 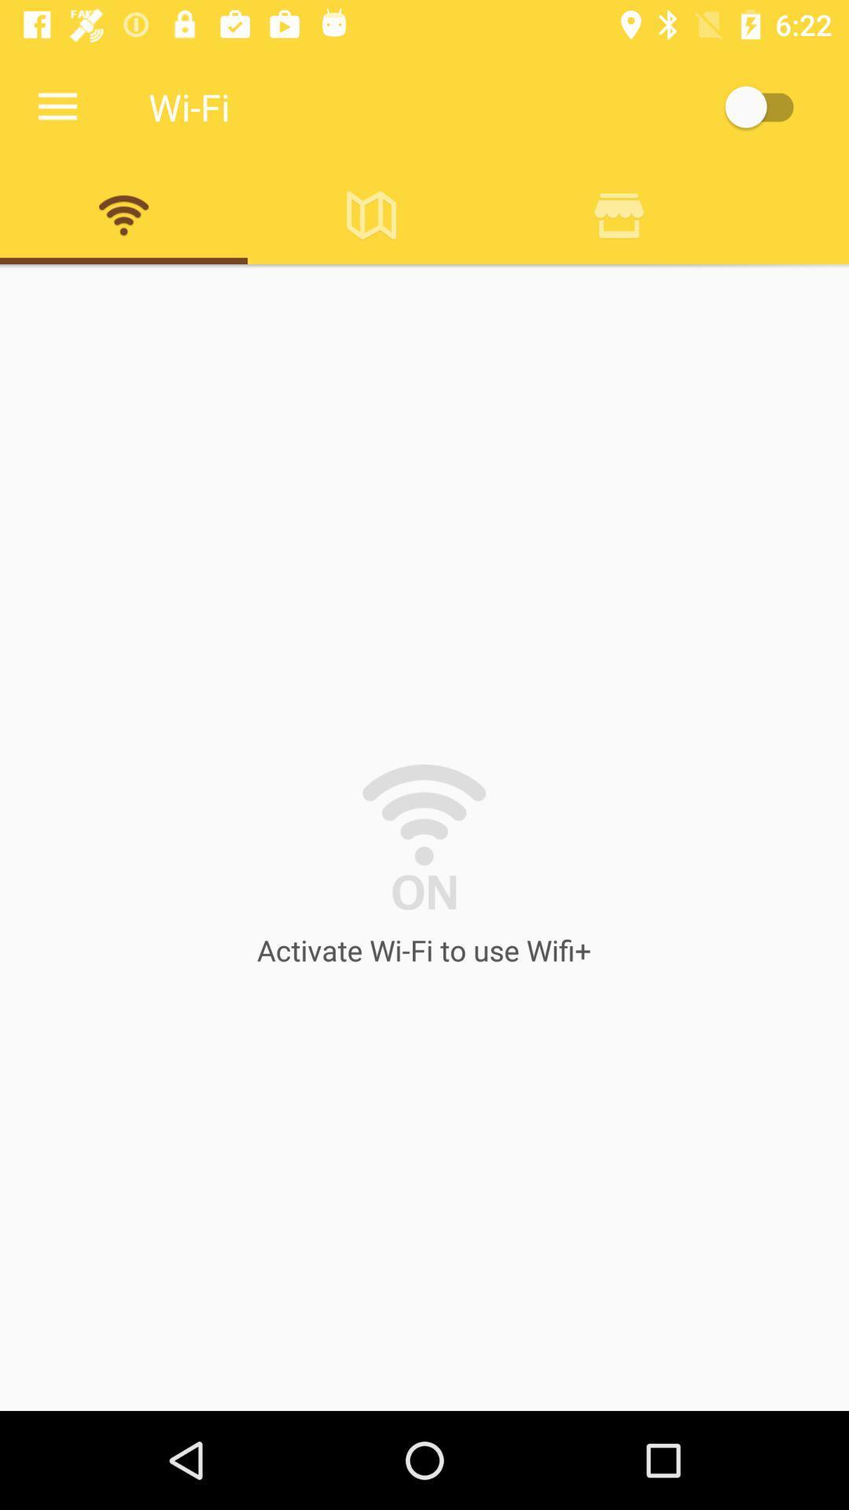 I want to click on review location 's signal, so click(x=618, y=214).